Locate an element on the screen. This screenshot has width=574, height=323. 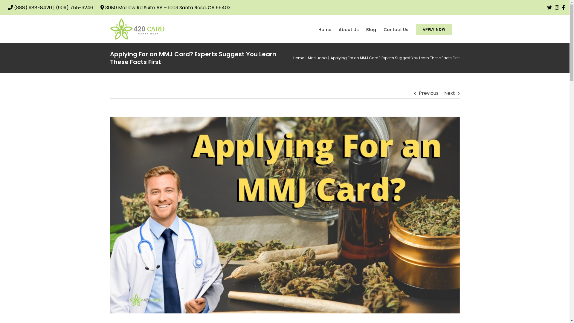
'Previous' is located at coordinates (418, 93).